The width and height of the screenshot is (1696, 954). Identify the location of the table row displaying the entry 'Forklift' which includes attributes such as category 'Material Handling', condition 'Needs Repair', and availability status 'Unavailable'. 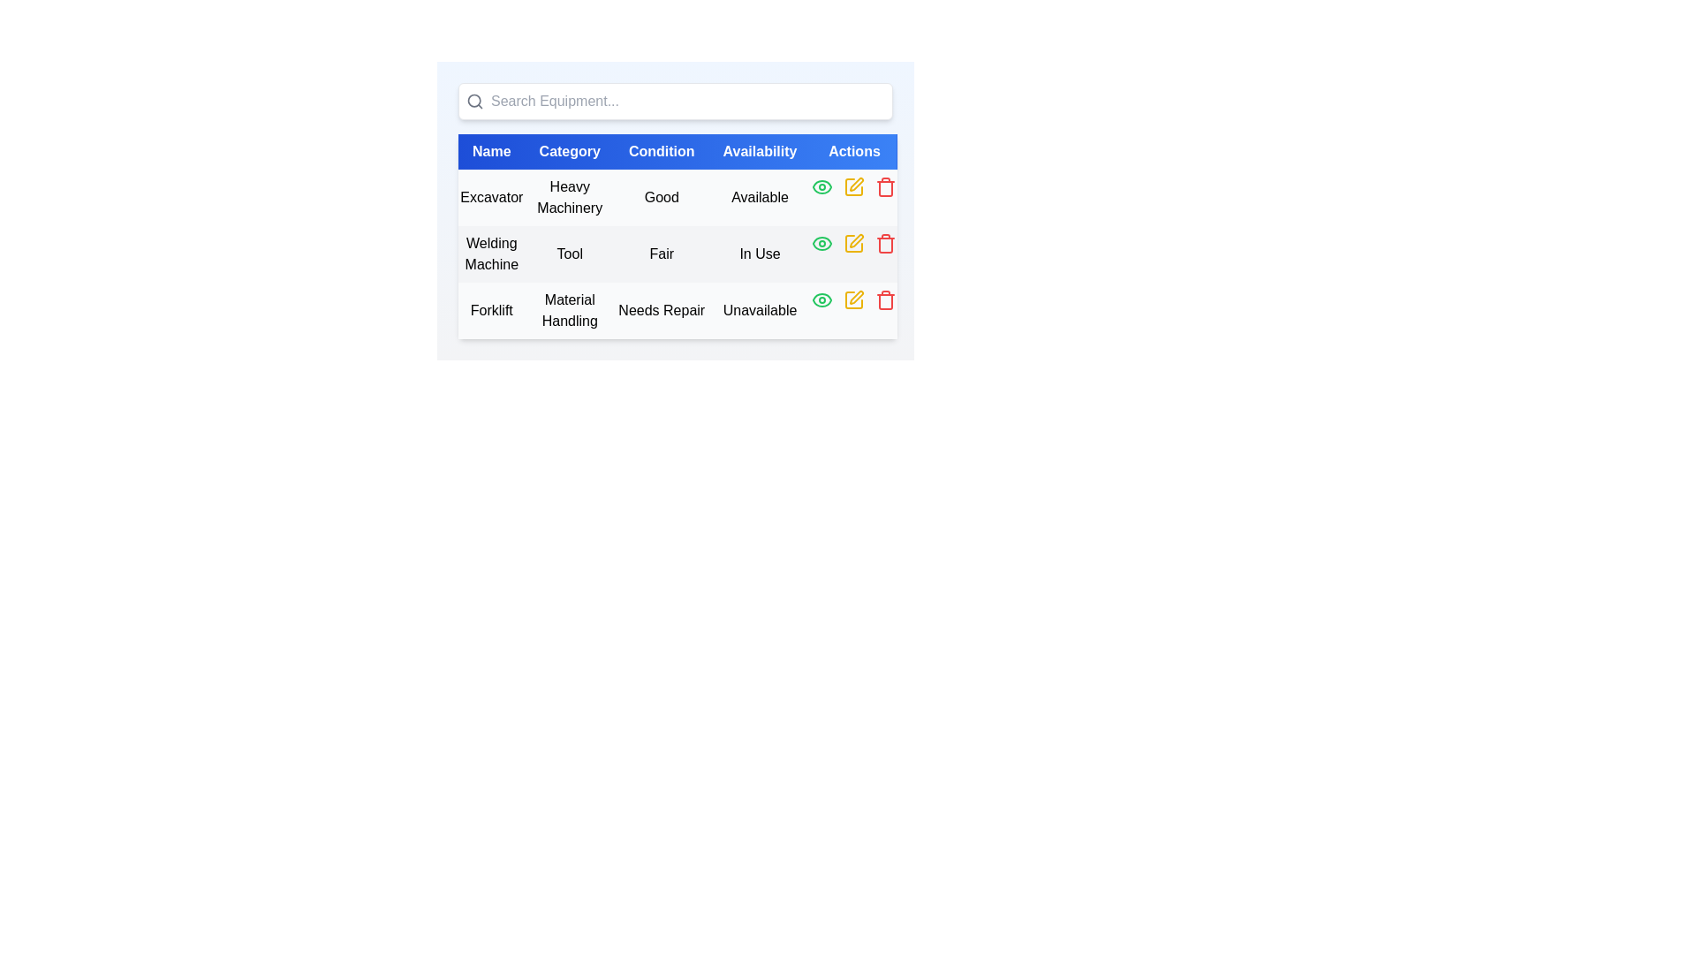
(677, 309).